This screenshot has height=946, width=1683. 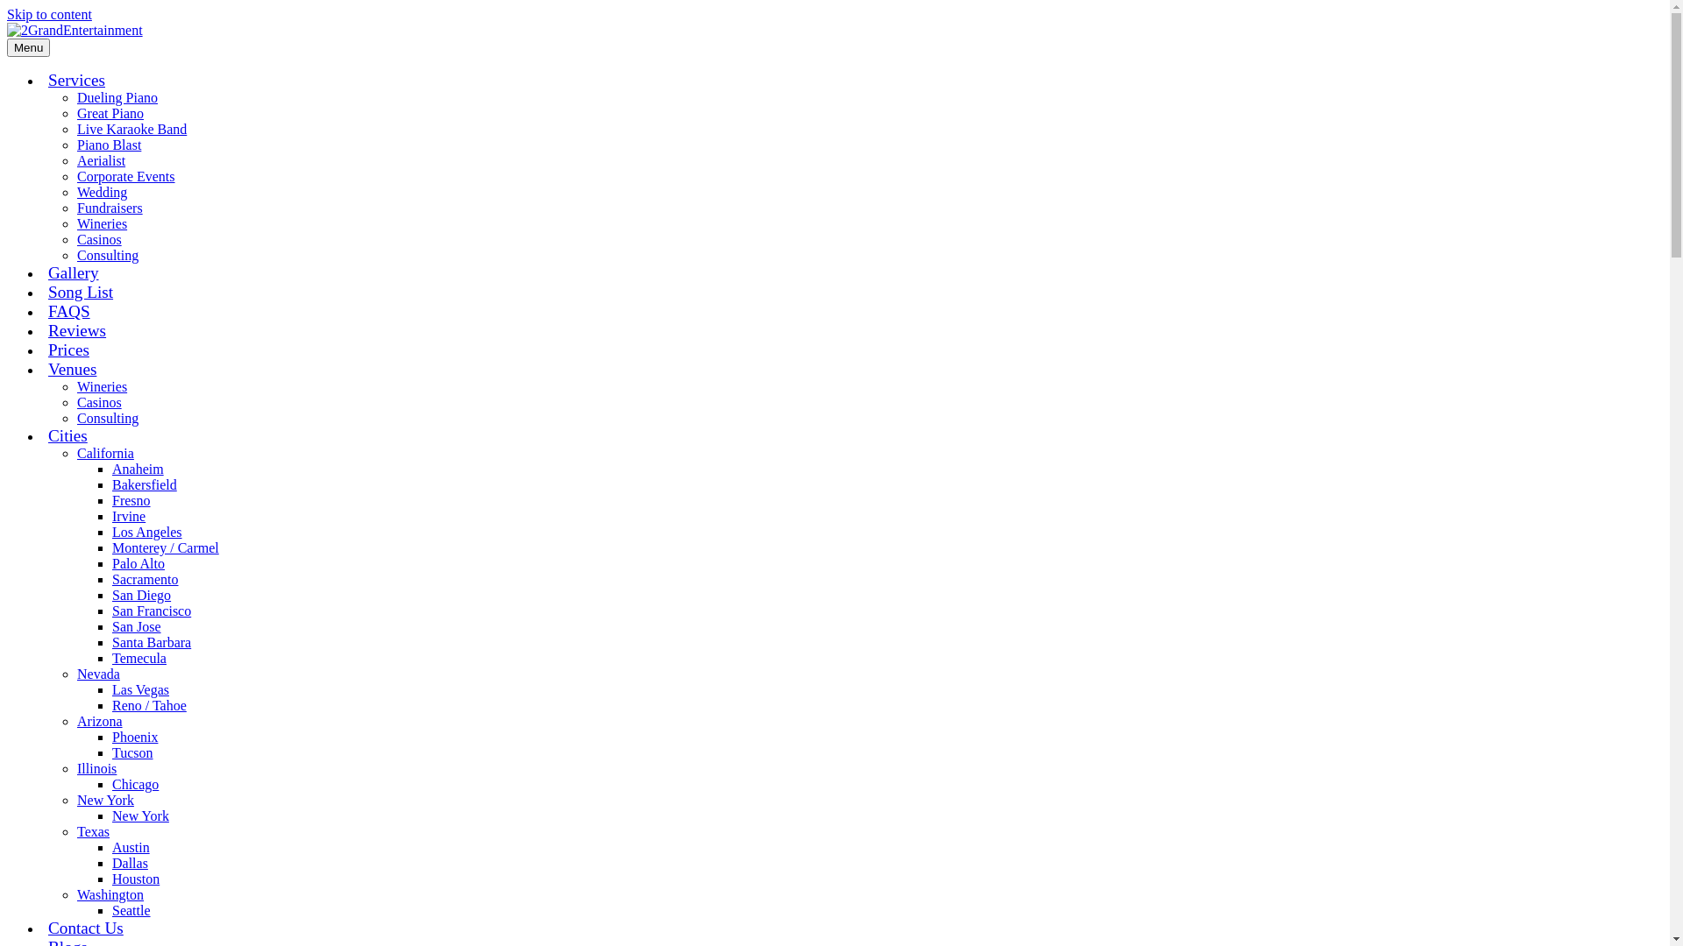 I want to click on 'Services', so click(x=75, y=80).